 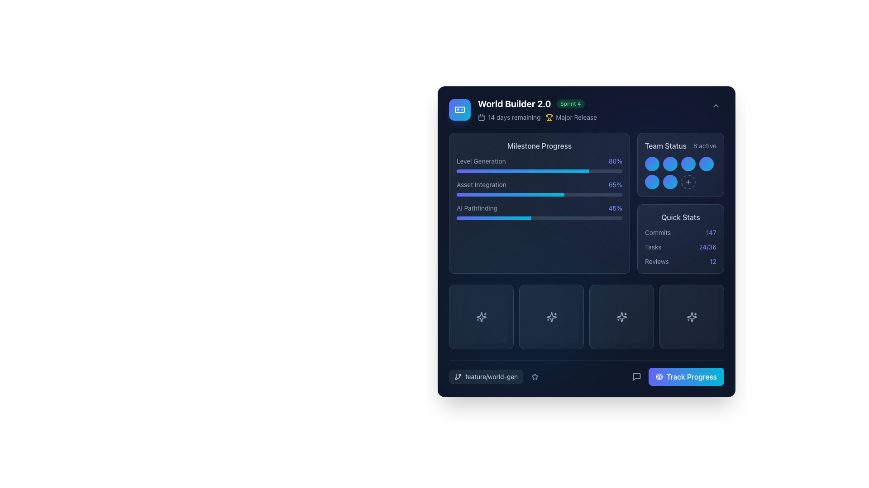 I want to click on progress, so click(x=562, y=171).